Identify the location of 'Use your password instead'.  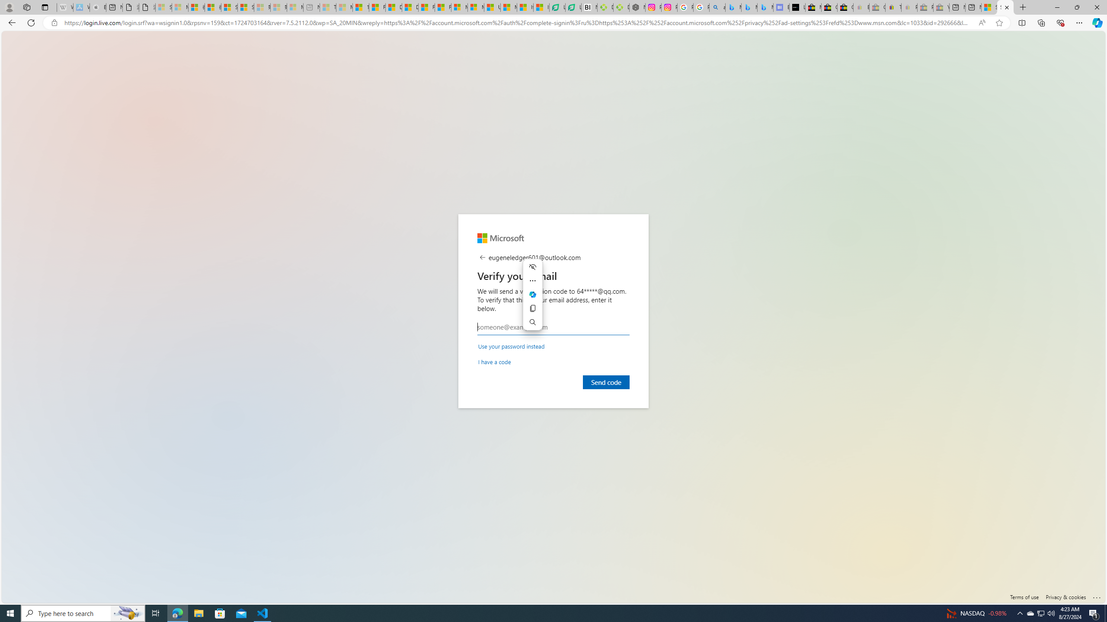
(511, 346).